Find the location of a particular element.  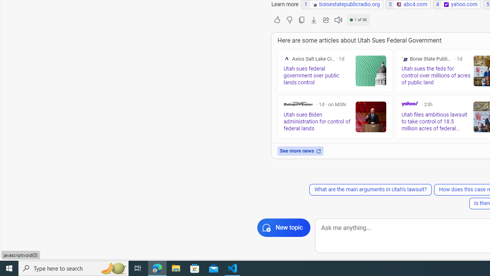

'See more news' is located at coordinates (300, 151).